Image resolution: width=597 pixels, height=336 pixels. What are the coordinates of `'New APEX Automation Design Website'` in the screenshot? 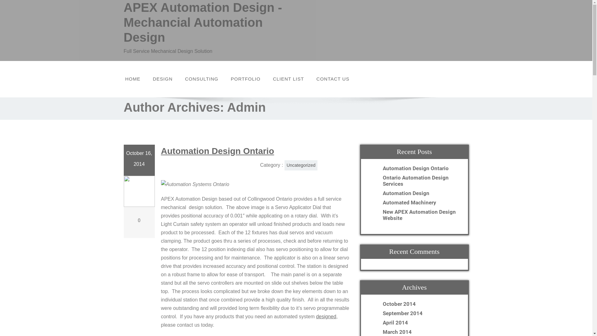 It's located at (420, 214).